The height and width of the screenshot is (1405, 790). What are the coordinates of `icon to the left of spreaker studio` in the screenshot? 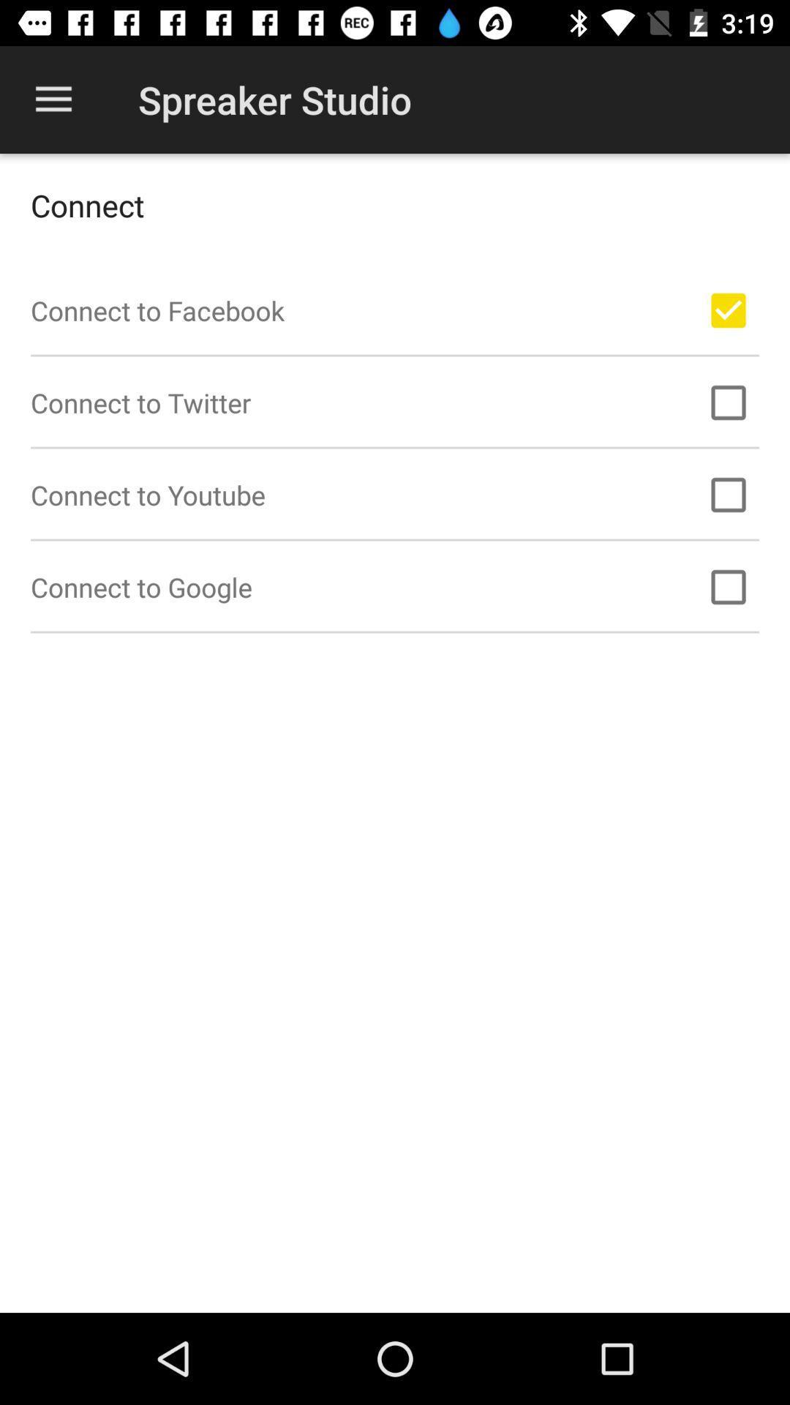 It's located at (53, 99).